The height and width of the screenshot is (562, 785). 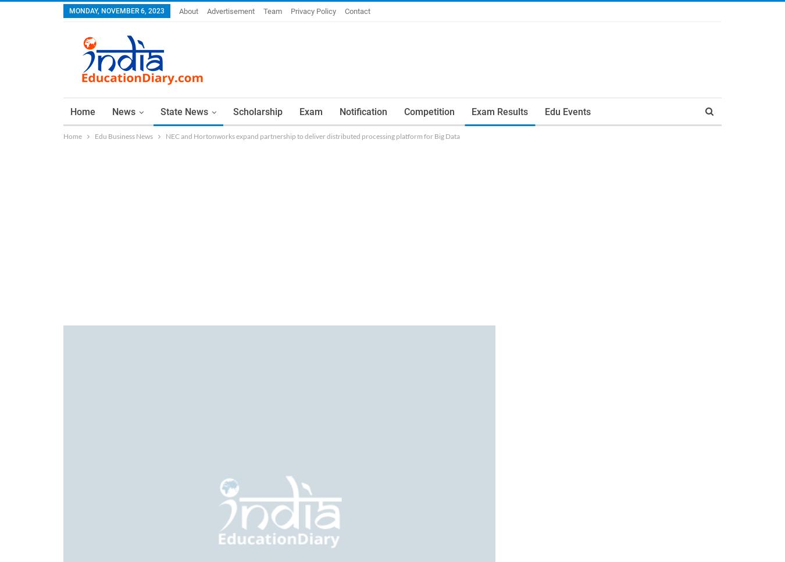 What do you see at coordinates (499, 111) in the screenshot?
I see `'Exam Results'` at bounding box center [499, 111].